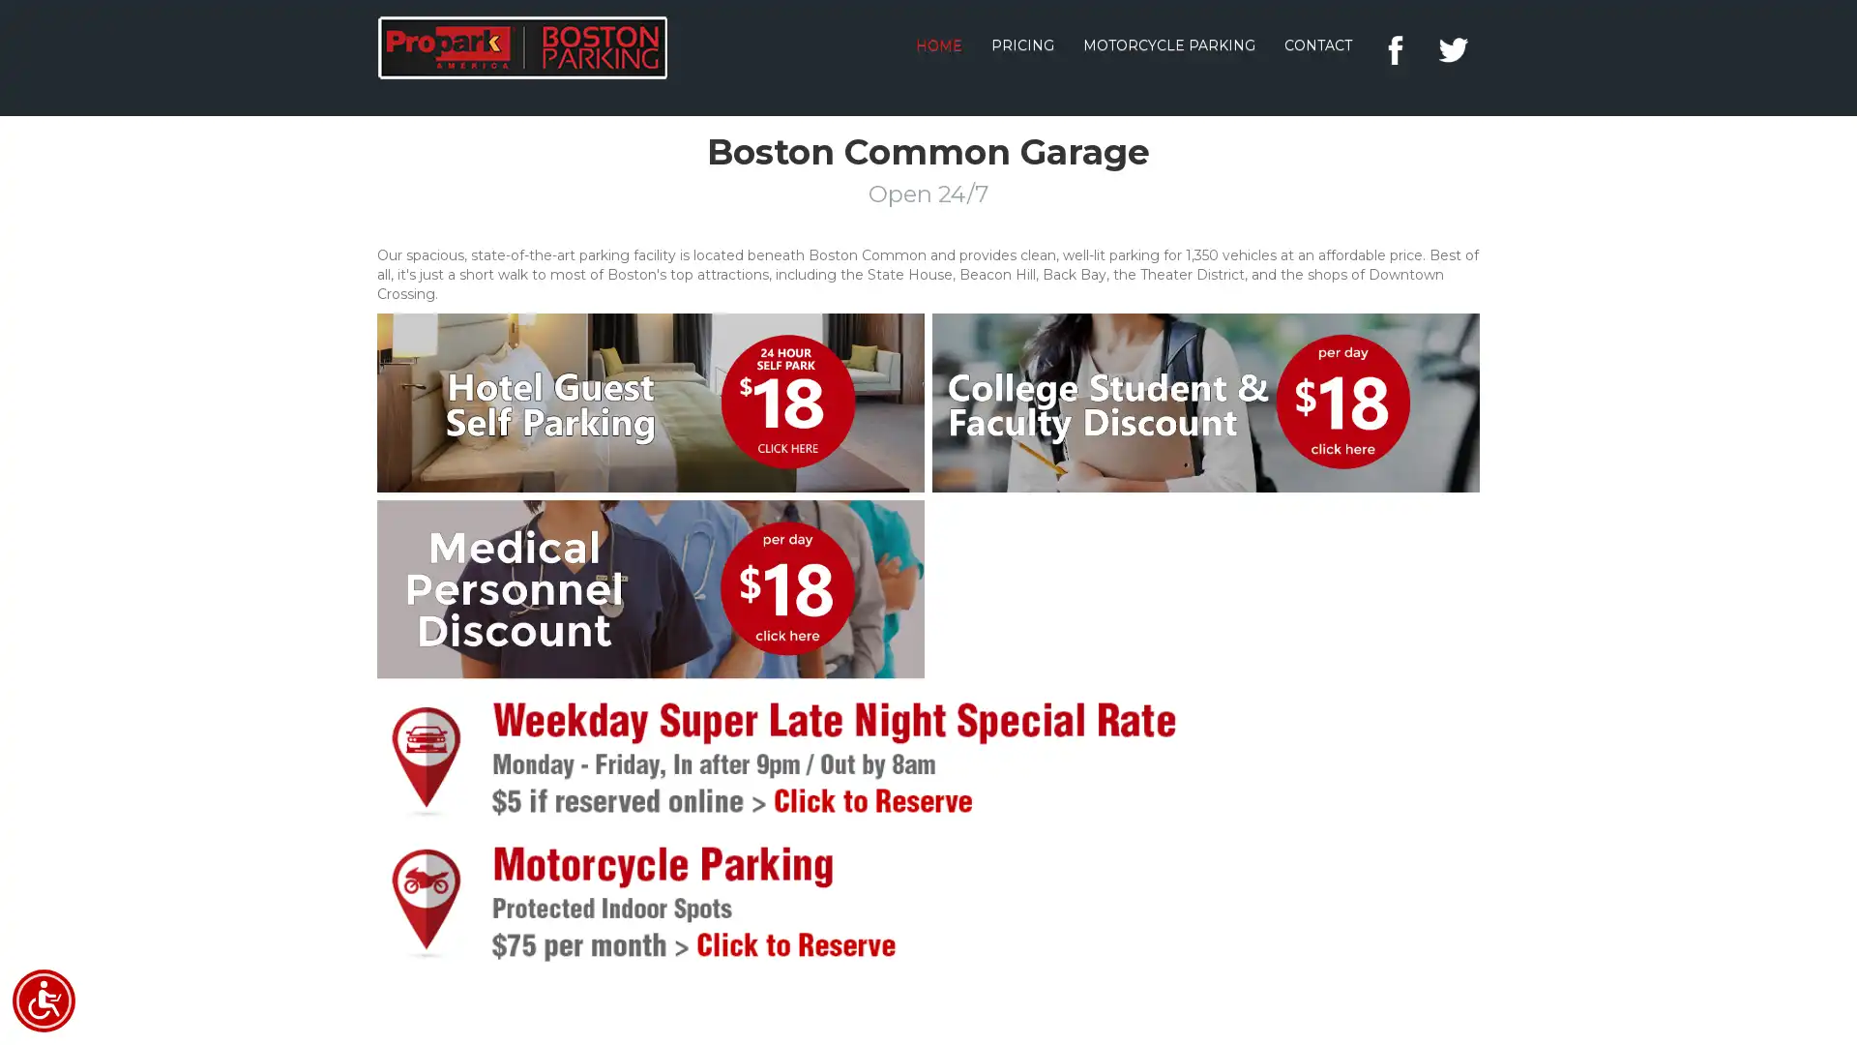  I want to click on Accessibility Menu, so click(44, 1000).